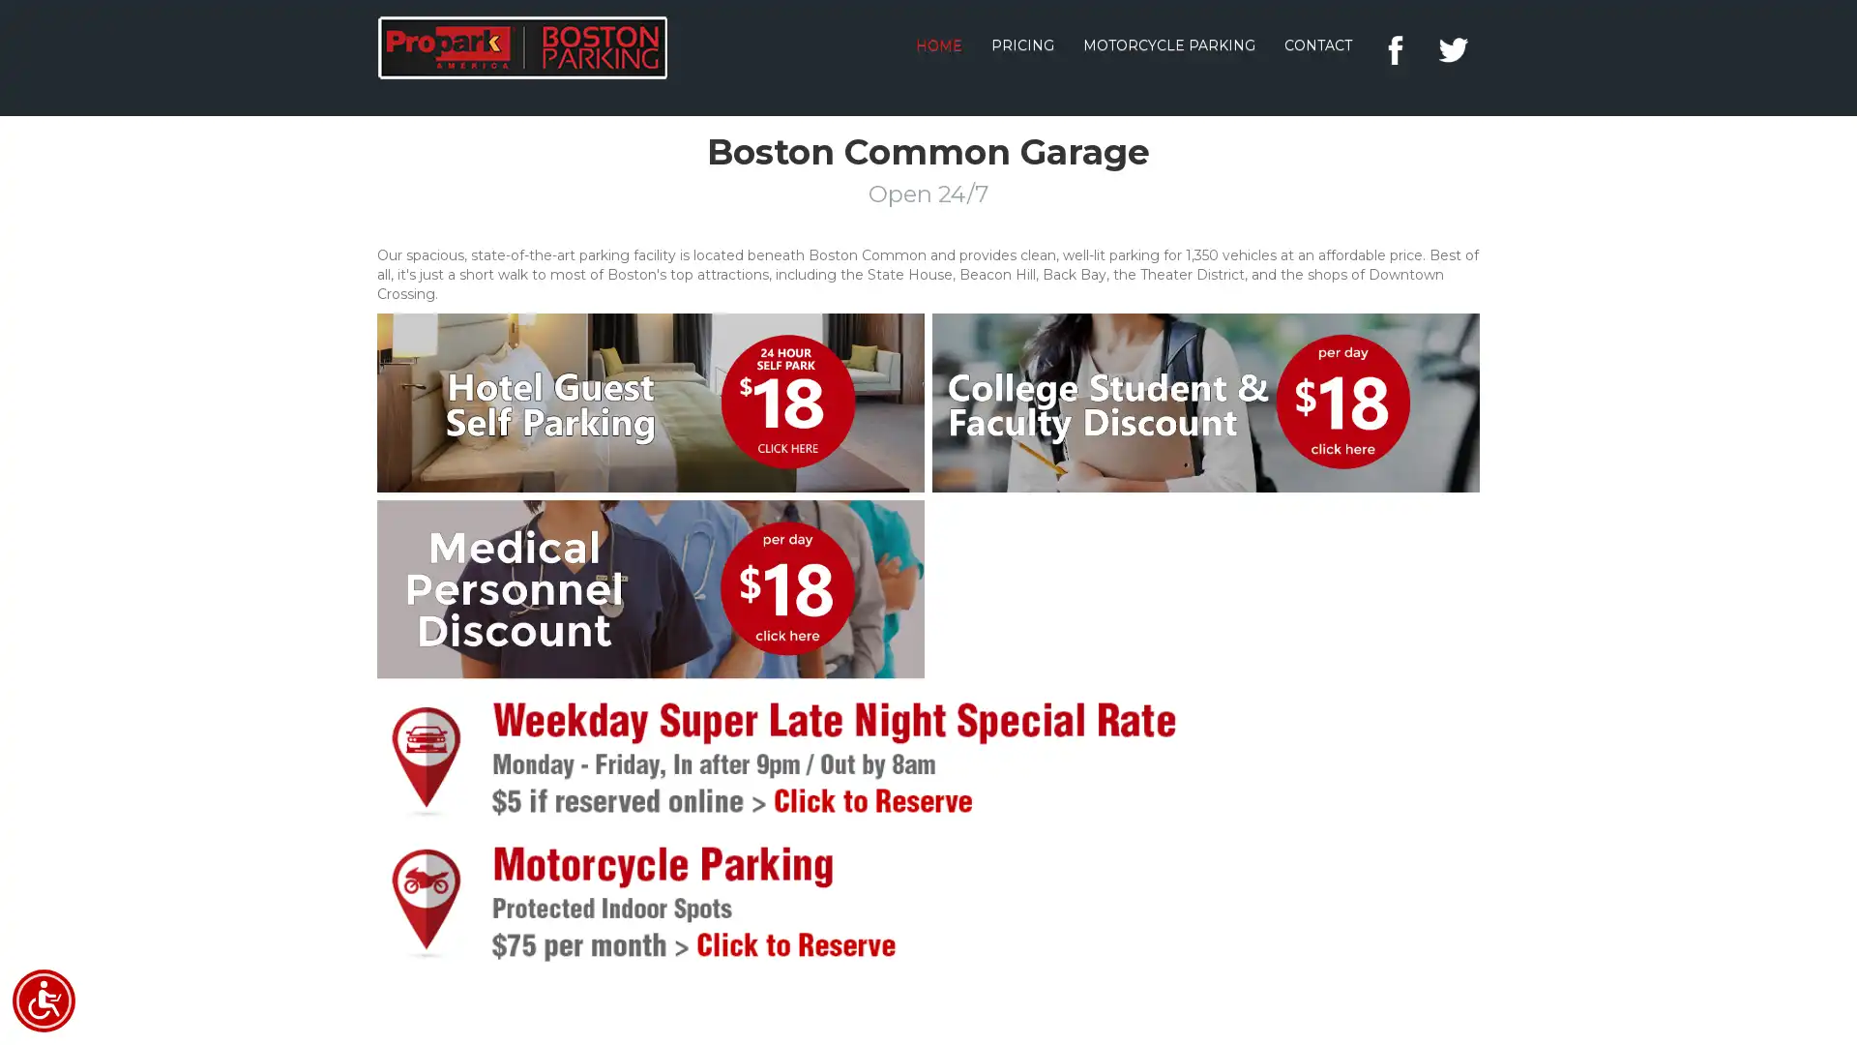  I want to click on Accessibility Menu, so click(44, 1000).